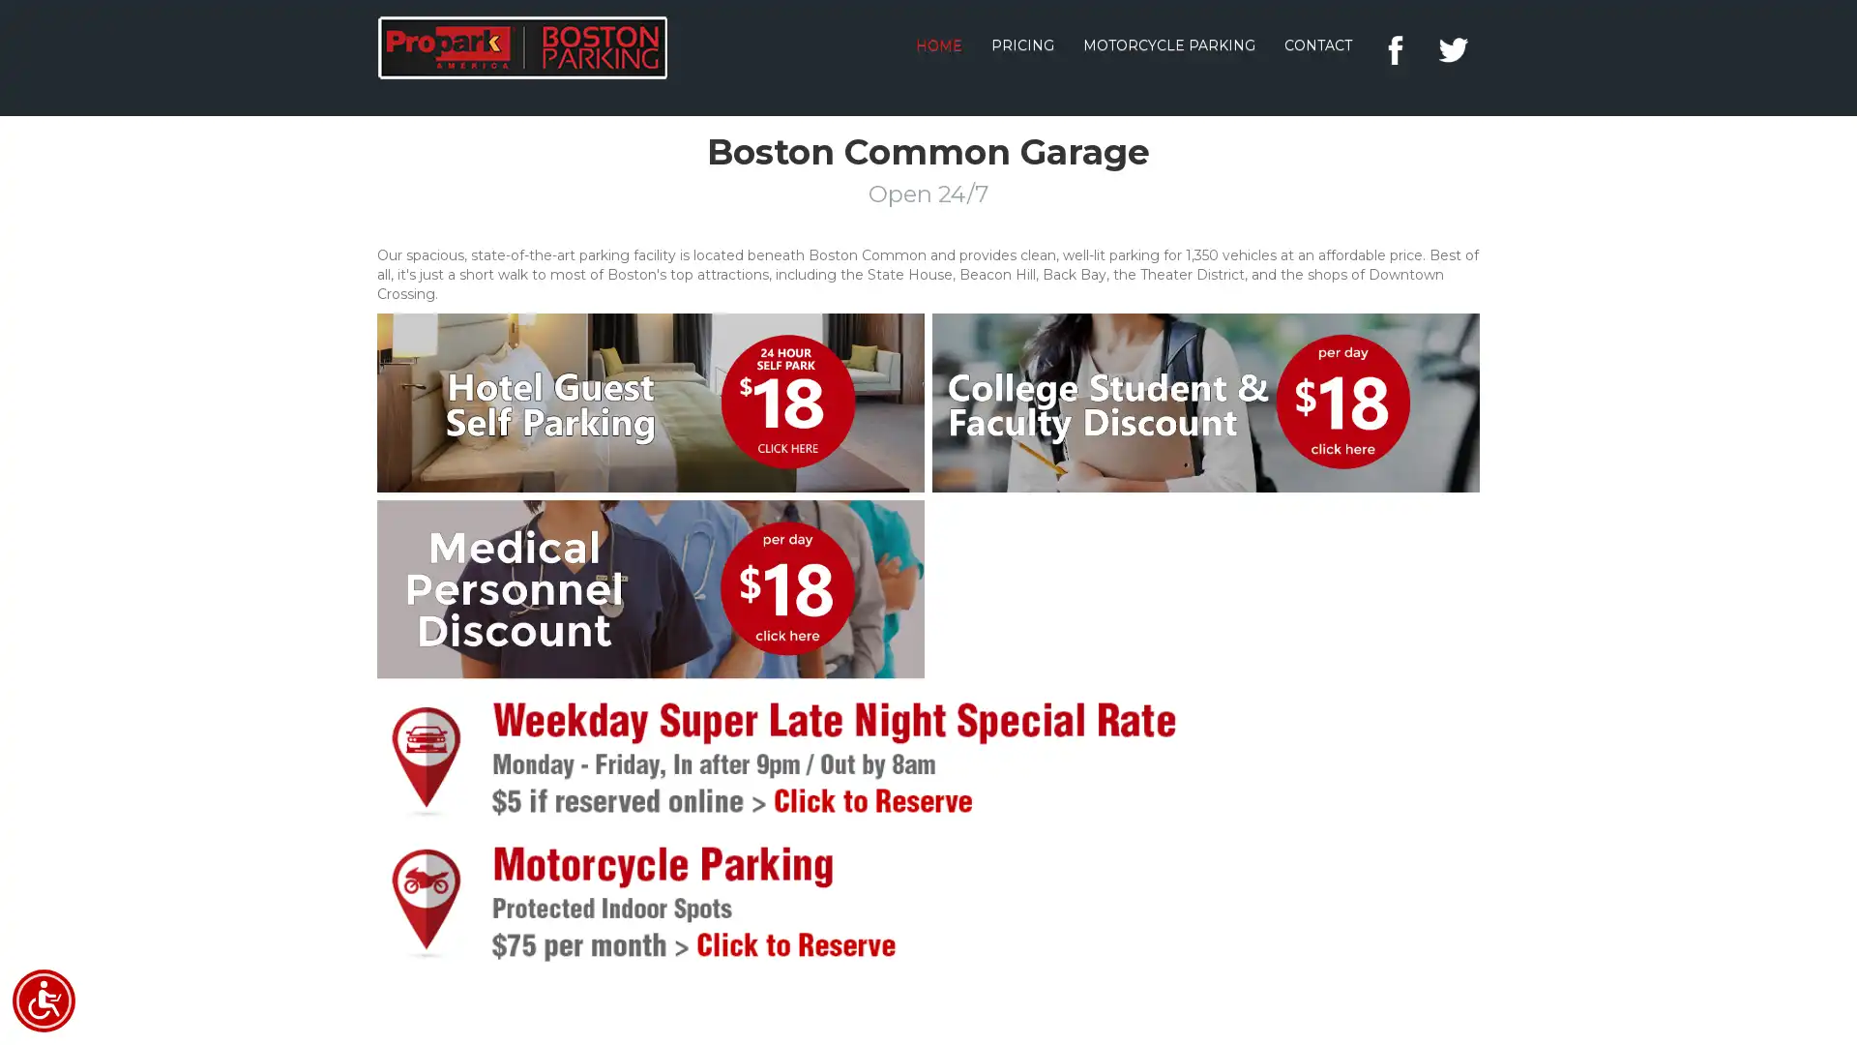  I want to click on Accessibility Menu, so click(44, 1000).